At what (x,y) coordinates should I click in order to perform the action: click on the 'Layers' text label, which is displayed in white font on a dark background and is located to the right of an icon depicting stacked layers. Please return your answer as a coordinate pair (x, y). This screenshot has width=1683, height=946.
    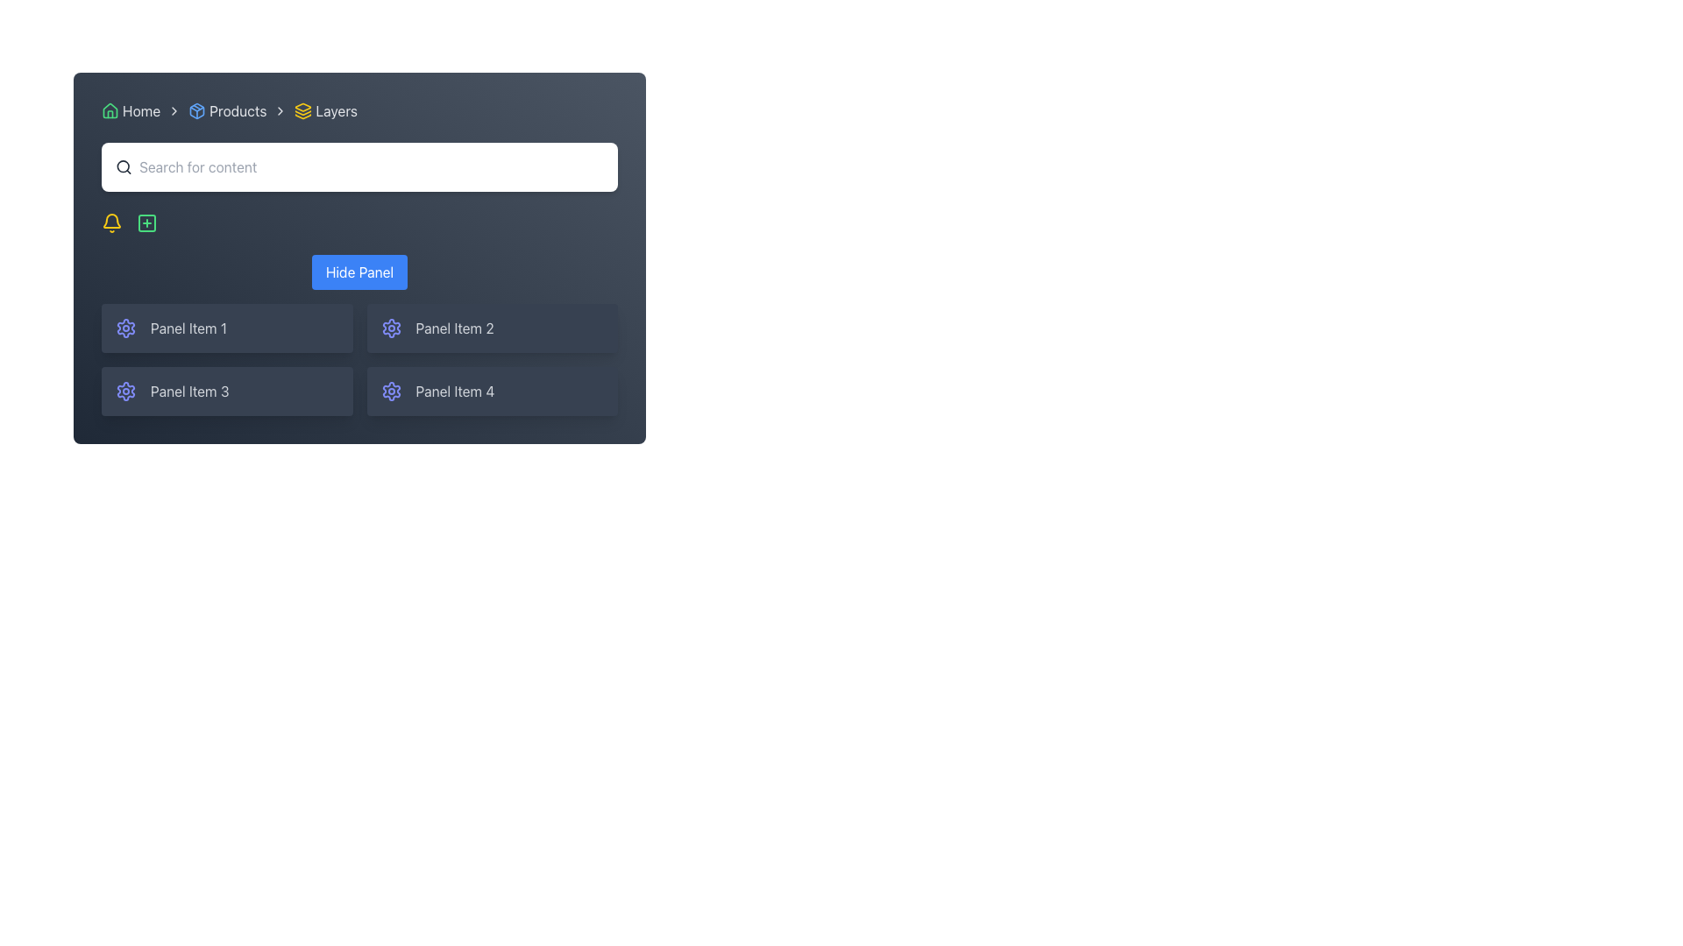
    Looking at the image, I should click on (337, 111).